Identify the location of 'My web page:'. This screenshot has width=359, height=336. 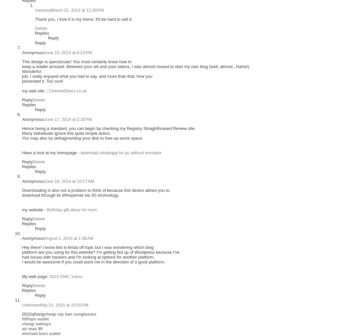
(22, 276).